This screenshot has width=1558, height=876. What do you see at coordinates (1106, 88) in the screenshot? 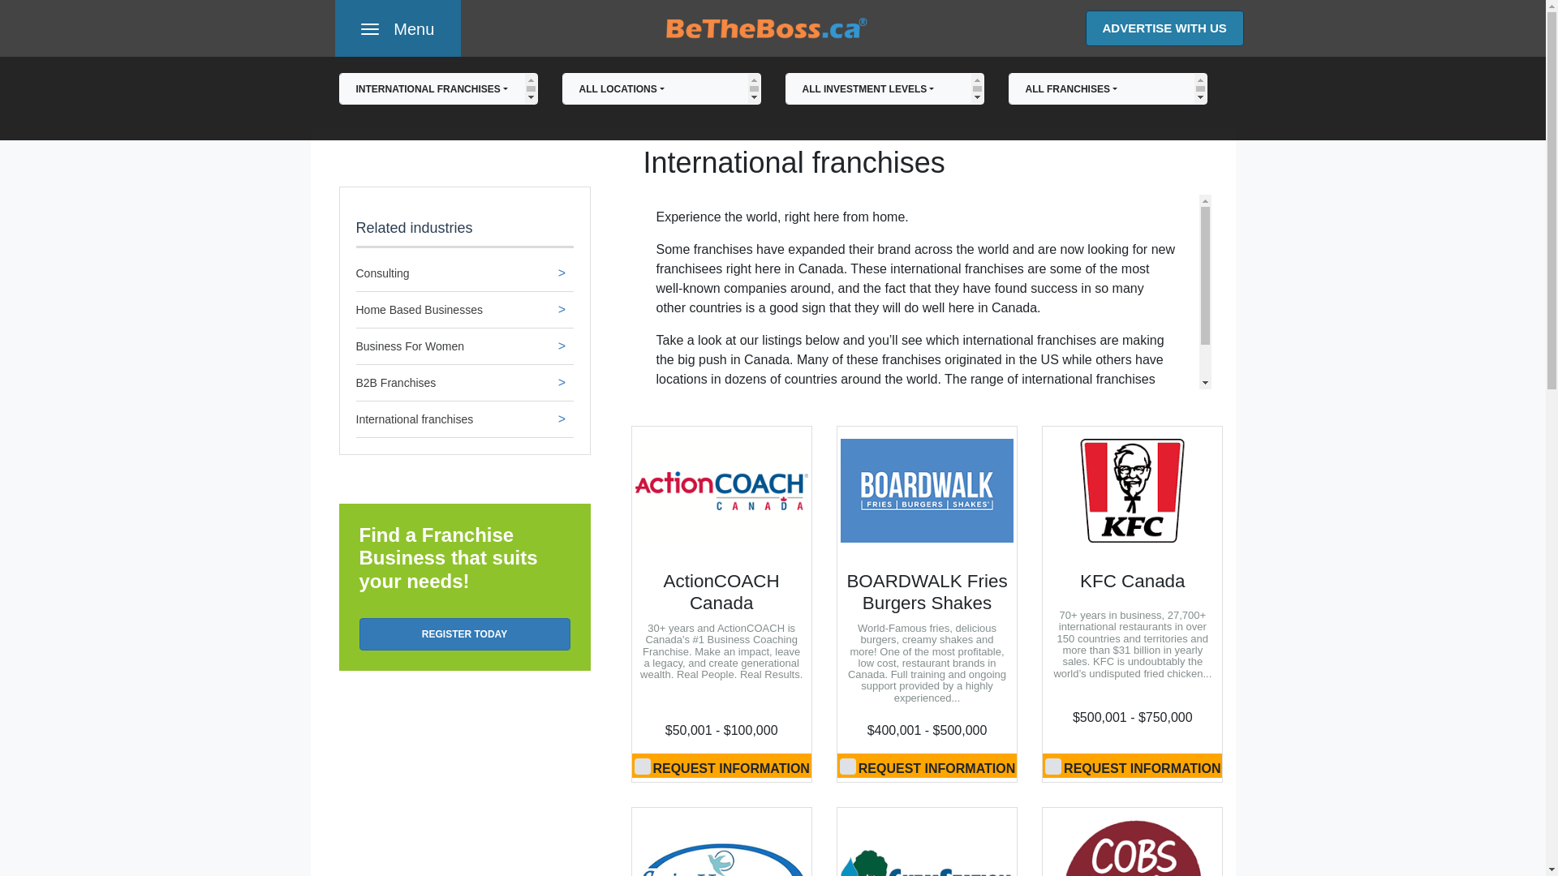
I see `'ALL FRANCHISES'` at bounding box center [1106, 88].